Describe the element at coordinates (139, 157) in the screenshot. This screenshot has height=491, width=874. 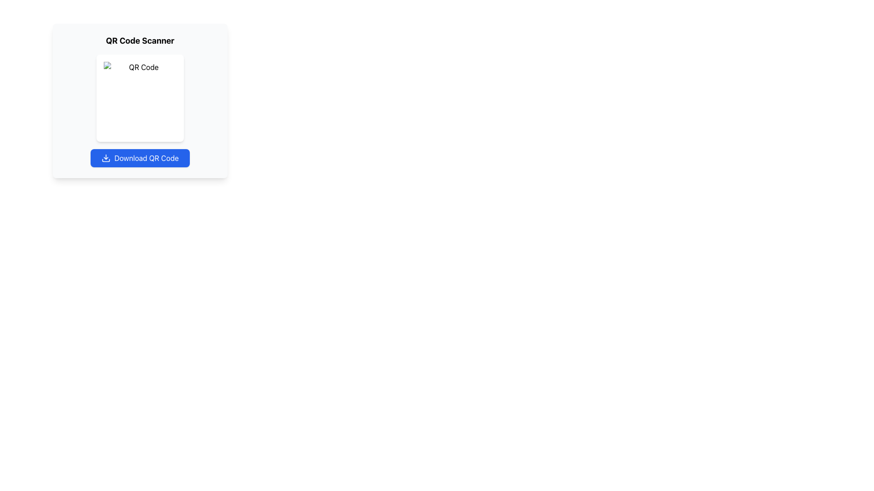
I see `the rectangular blue button labeled 'Download QR Code' to initiate the download` at that location.